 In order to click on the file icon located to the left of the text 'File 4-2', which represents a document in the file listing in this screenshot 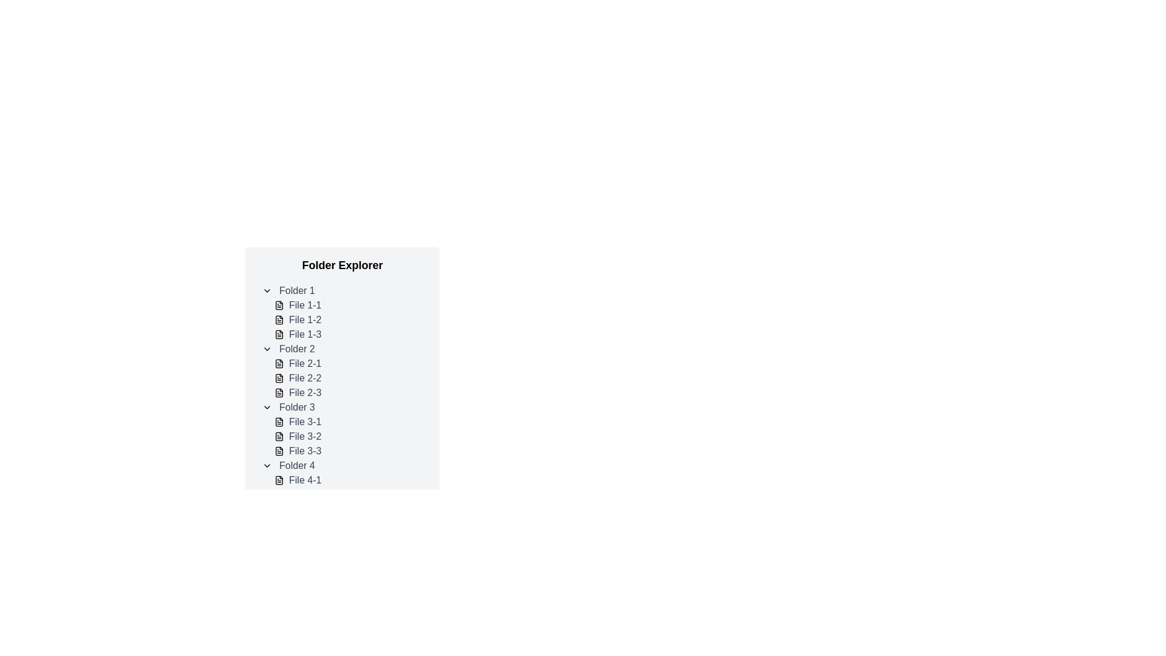, I will do `click(279, 494)`.